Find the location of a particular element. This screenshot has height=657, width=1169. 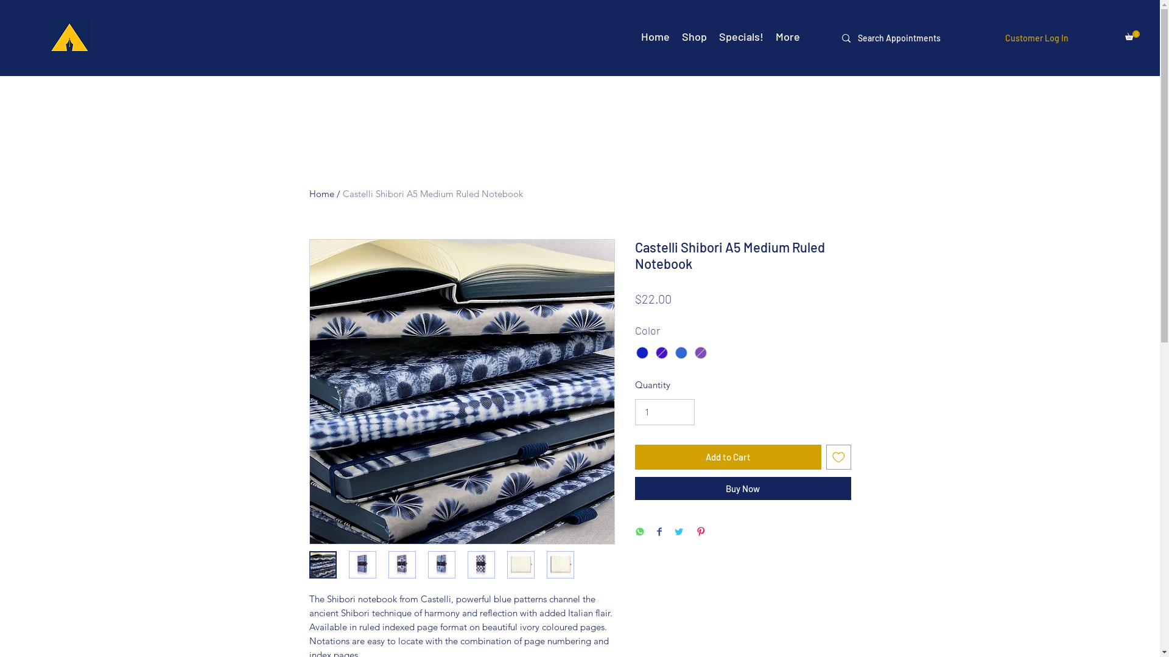

'0' is located at coordinates (1125, 34).